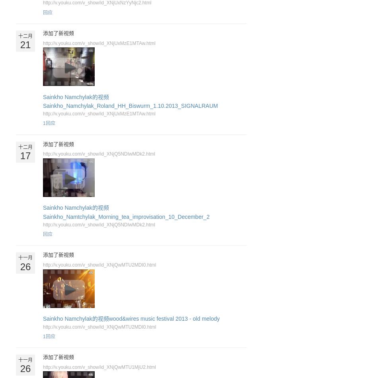 This screenshot has width=382, height=378. What do you see at coordinates (97, 3) in the screenshot?
I see `'http://v.youku.com/v_show/id_XNjUxNzYyNjc2.html'` at bounding box center [97, 3].